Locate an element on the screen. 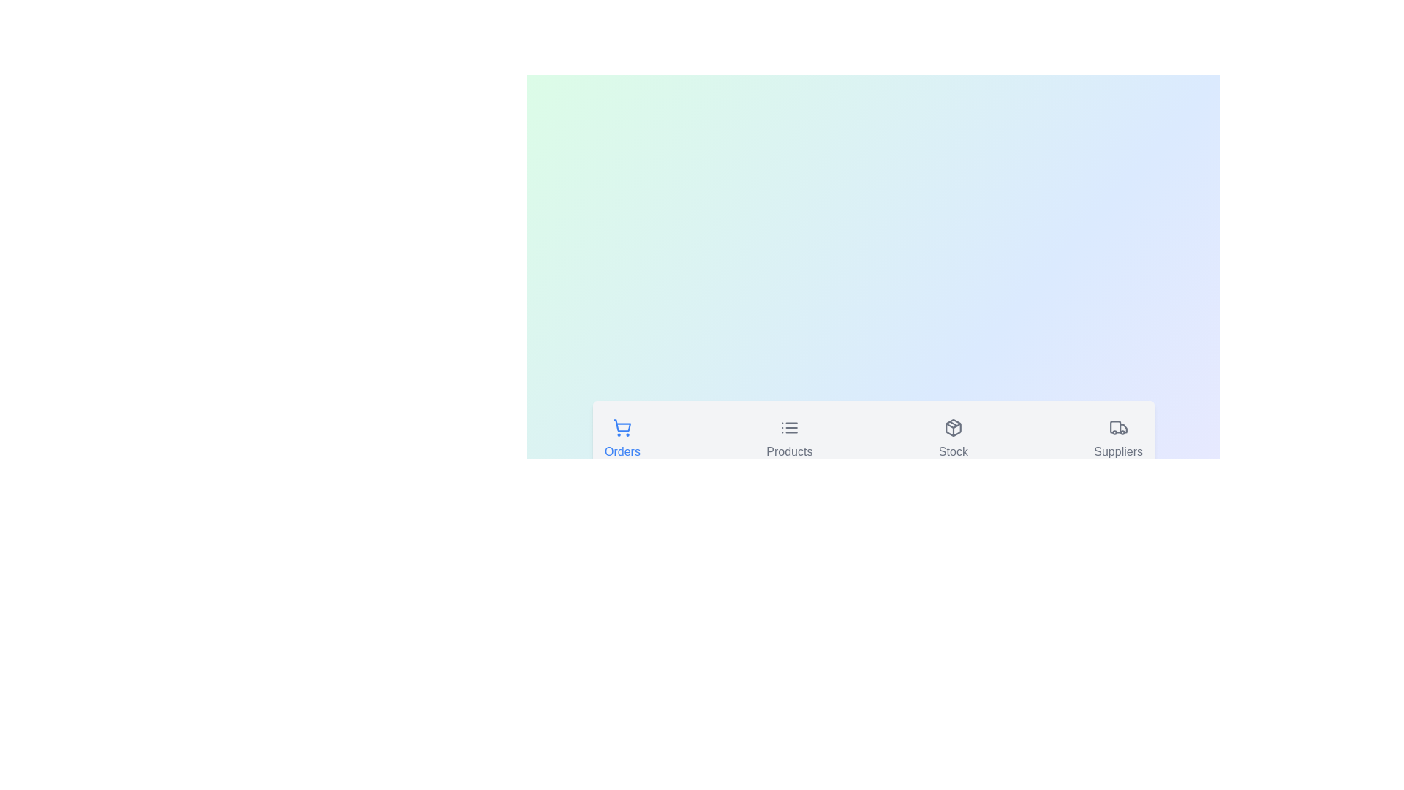 This screenshot has height=790, width=1404. the icon of the Products tab is located at coordinates (788, 440).